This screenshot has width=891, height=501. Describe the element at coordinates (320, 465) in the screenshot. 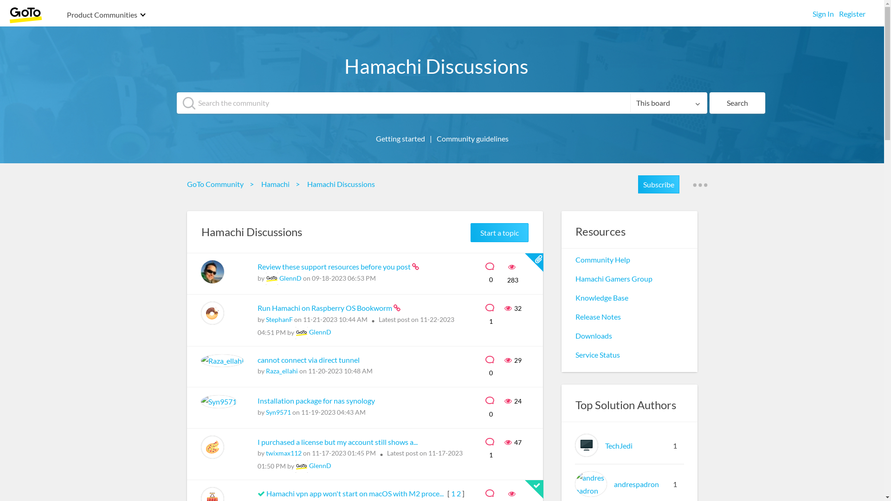

I see `'GlennD'` at that location.